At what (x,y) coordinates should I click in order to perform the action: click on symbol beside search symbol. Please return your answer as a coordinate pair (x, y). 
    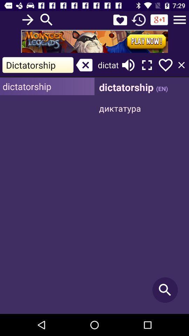
    Looking at the image, I should click on (120, 20).